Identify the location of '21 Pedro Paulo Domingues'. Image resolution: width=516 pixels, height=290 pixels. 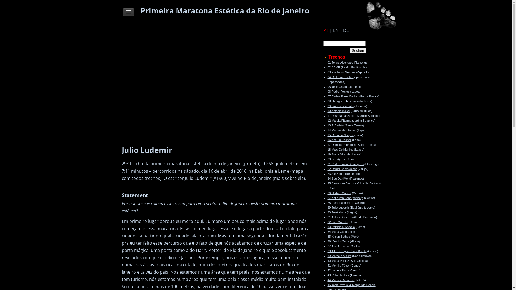
(345, 164).